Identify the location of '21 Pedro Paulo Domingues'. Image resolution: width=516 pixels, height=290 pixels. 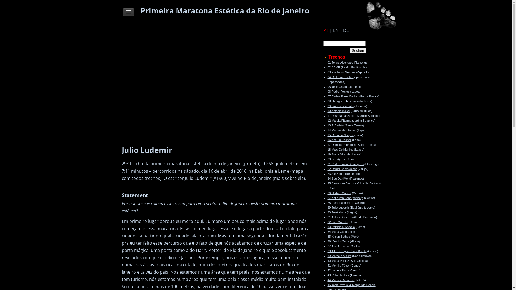
(345, 164).